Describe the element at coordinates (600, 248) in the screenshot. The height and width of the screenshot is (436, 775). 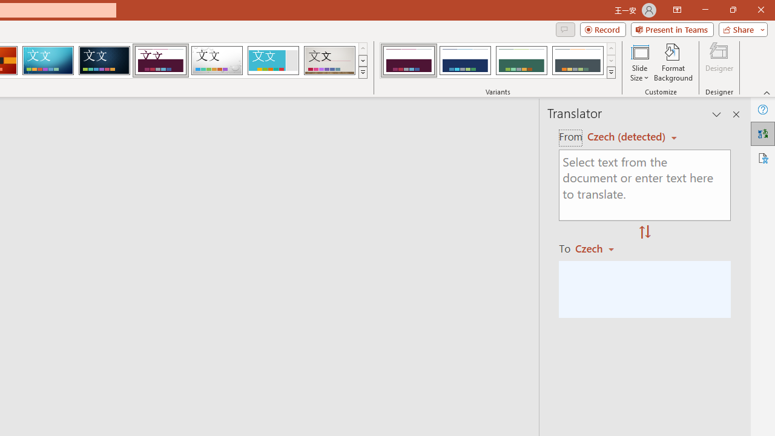
I see `'Czech'` at that location.